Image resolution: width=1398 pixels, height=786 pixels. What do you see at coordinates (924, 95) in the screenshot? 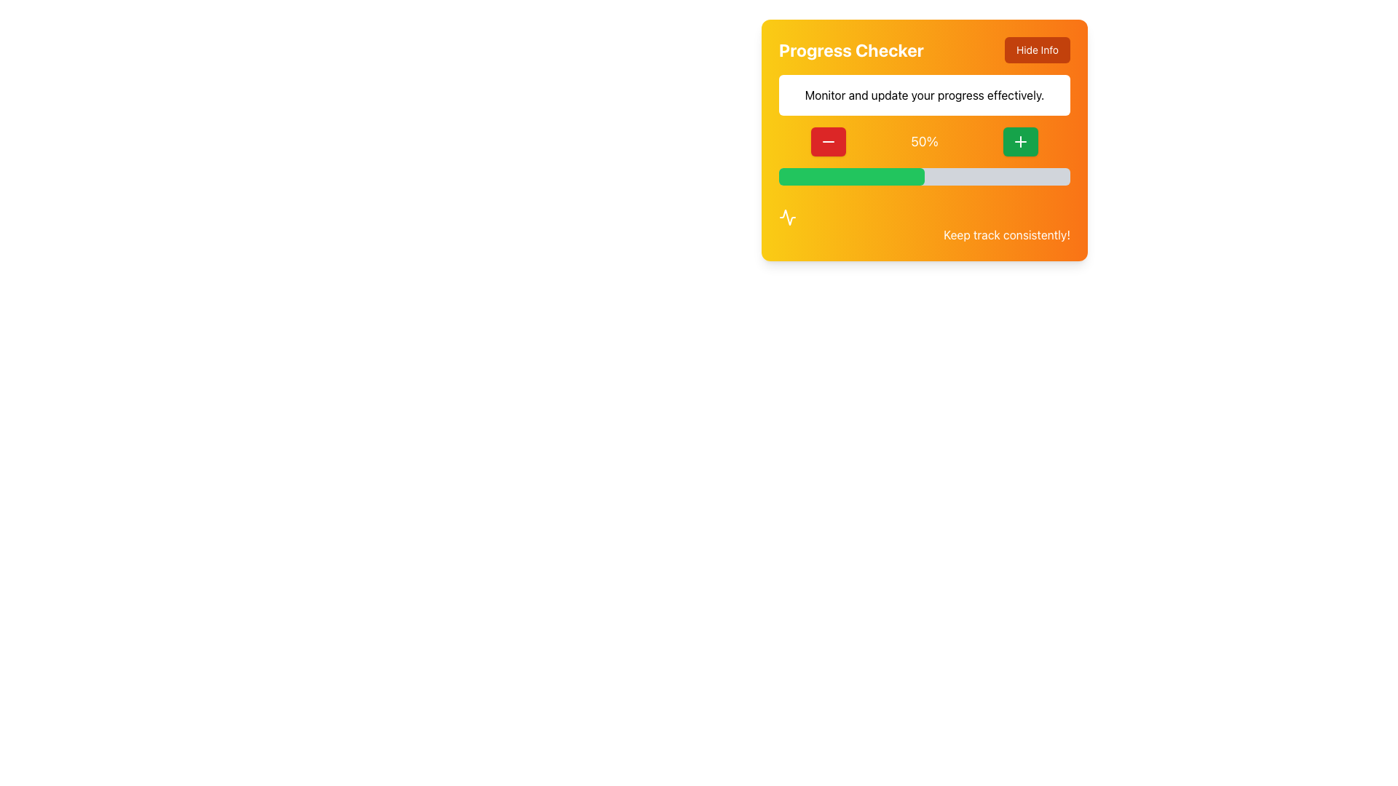
I see `the static informative text block containing the message 'Monitor and update your progress effectively.' which is styled in black and set against a white background, located beneath the title 'Progress Checker'` at bounding box center [924, 95].